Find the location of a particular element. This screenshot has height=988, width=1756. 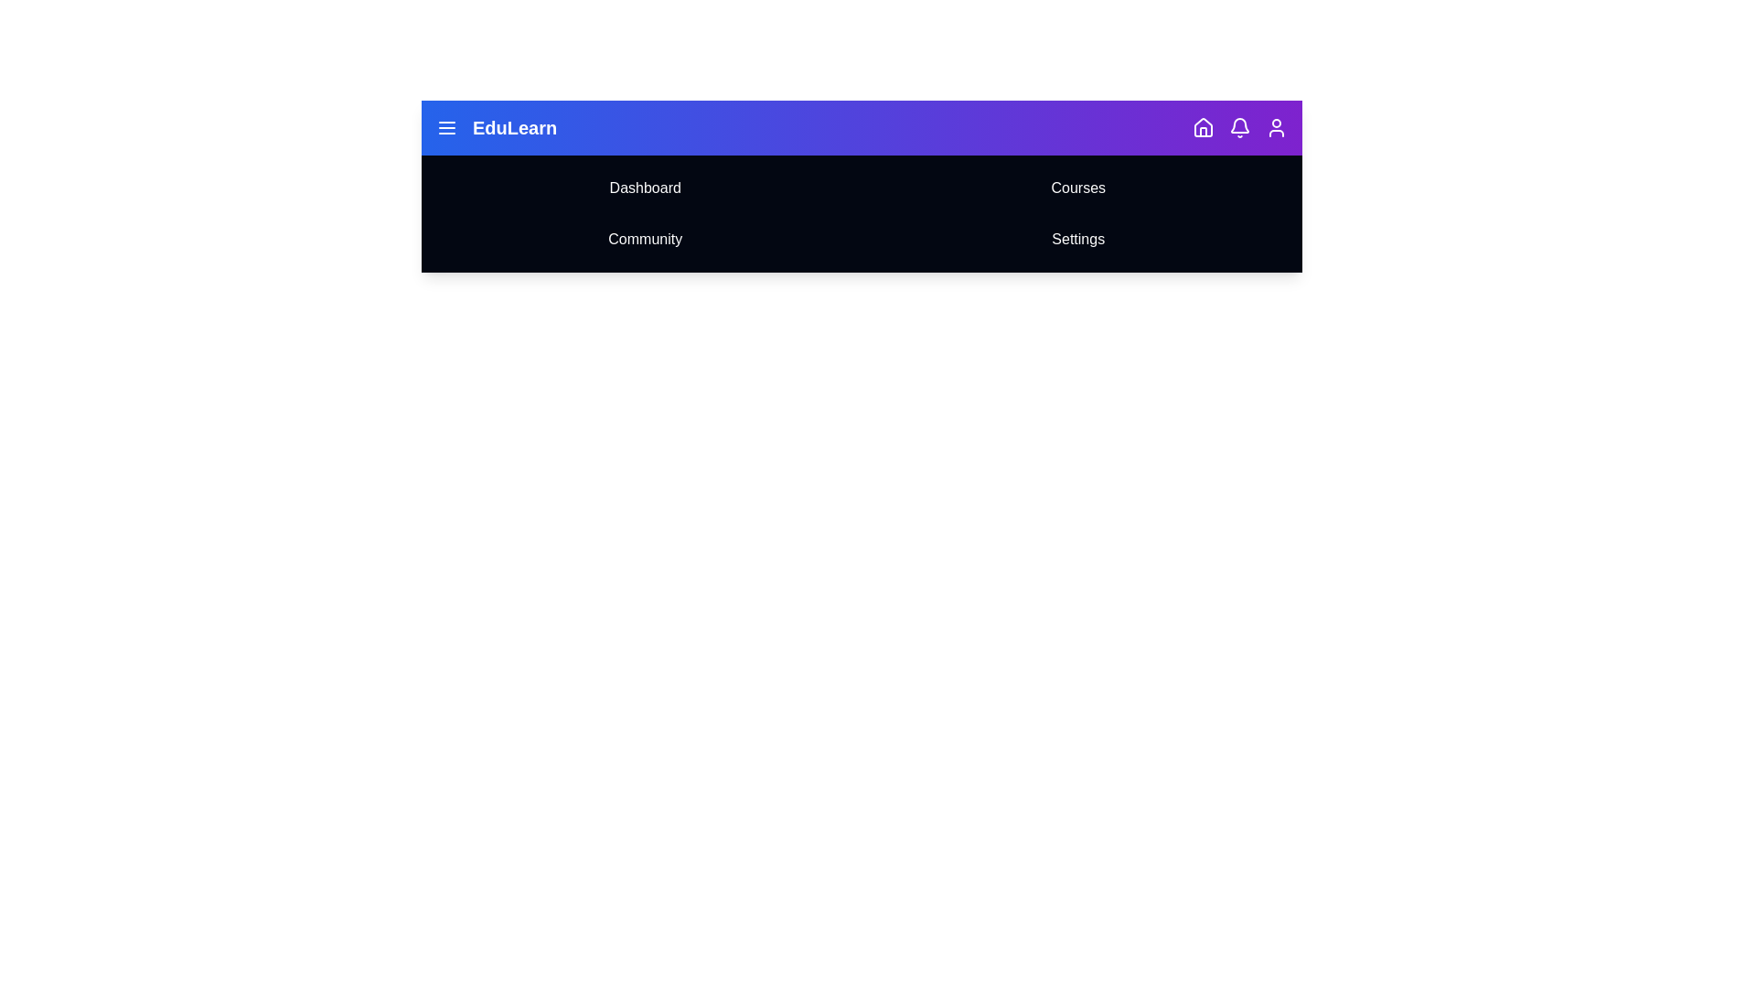

the Dashboard navigation icon to navigate to the respective section is located at coordinates (645, 188).